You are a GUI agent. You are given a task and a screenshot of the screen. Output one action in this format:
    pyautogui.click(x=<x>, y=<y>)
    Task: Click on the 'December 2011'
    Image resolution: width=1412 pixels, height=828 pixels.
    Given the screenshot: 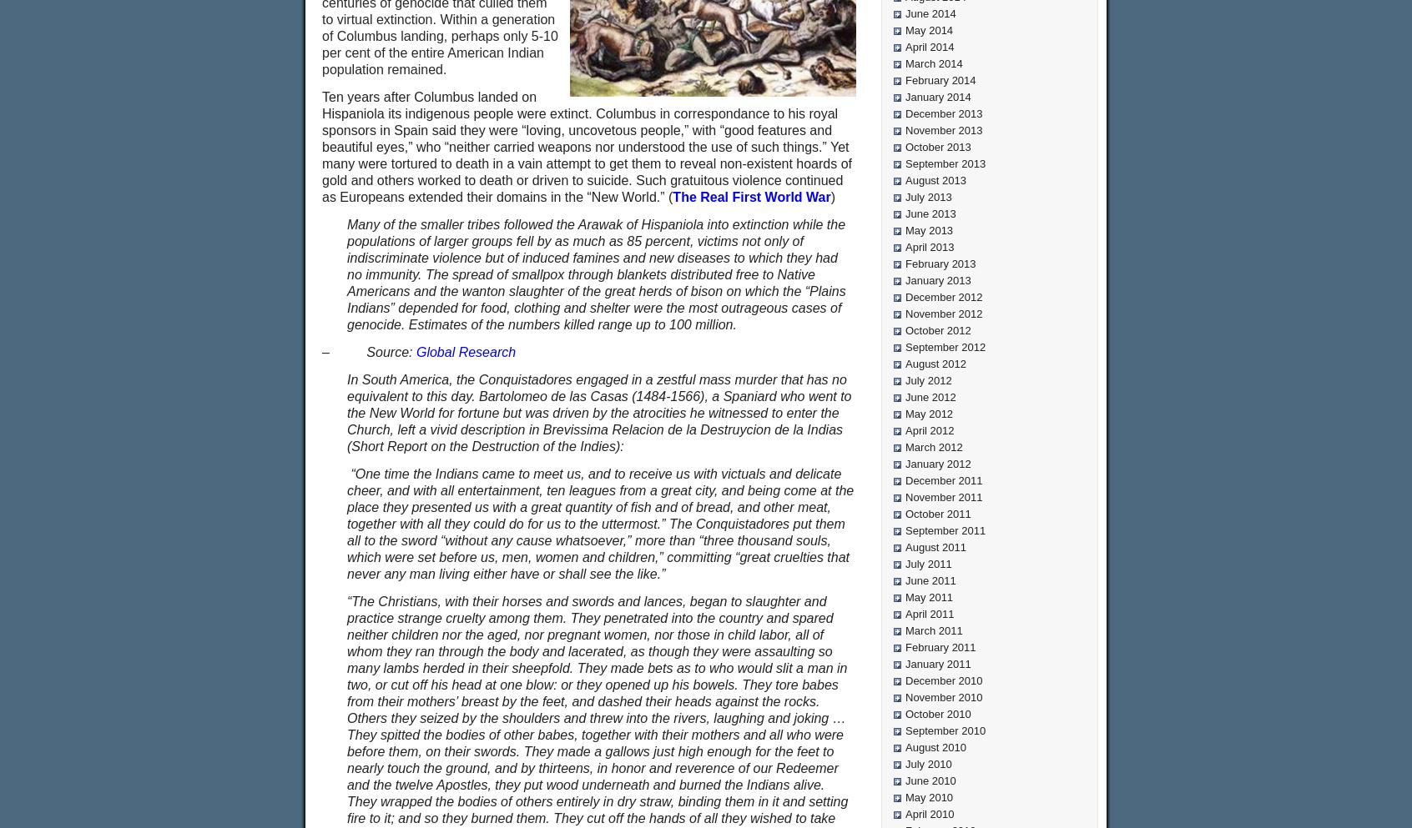 What is the action you would take?
    pyautogui.click(x=942, y=480)
    